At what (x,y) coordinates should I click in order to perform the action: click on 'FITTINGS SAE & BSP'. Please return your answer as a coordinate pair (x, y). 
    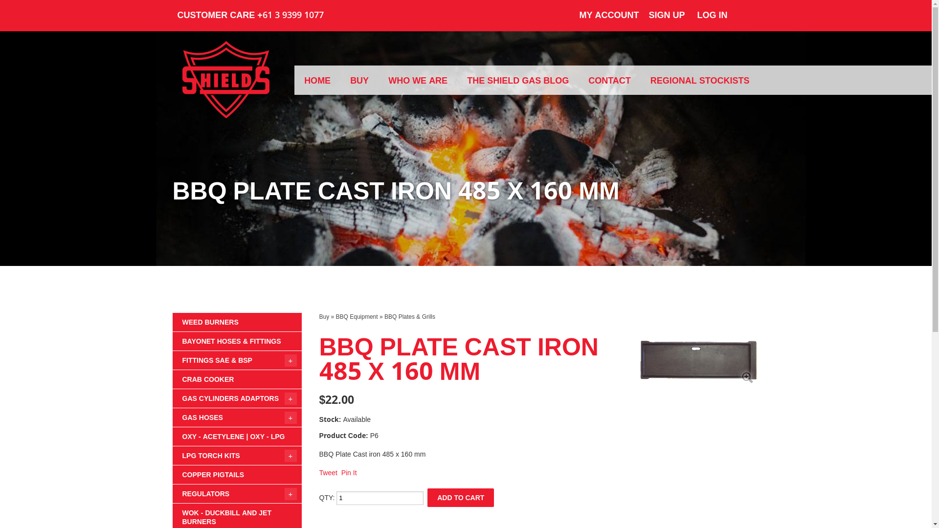
    Looking at the image, I should click on (237, 360).